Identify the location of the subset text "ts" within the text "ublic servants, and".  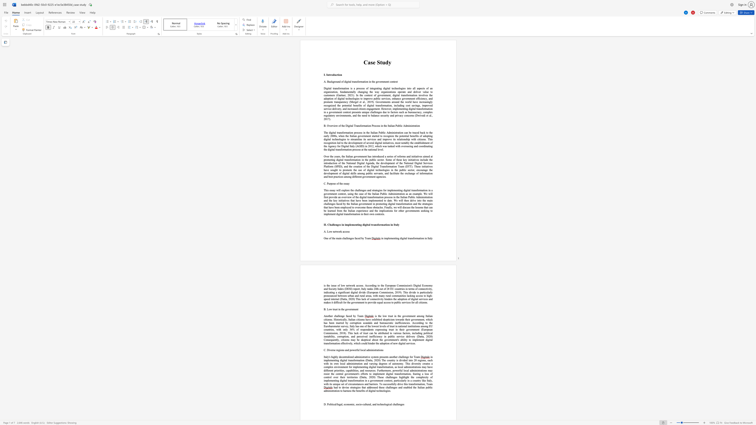
(381, 173).